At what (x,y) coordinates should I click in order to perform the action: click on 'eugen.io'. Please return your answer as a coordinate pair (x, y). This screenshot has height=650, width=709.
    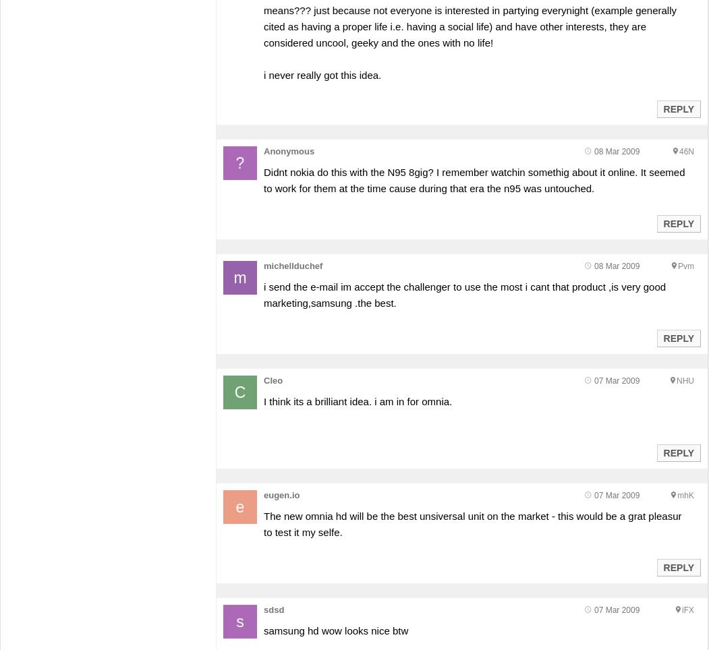
    Looking at the image, I should click on (281, 494).